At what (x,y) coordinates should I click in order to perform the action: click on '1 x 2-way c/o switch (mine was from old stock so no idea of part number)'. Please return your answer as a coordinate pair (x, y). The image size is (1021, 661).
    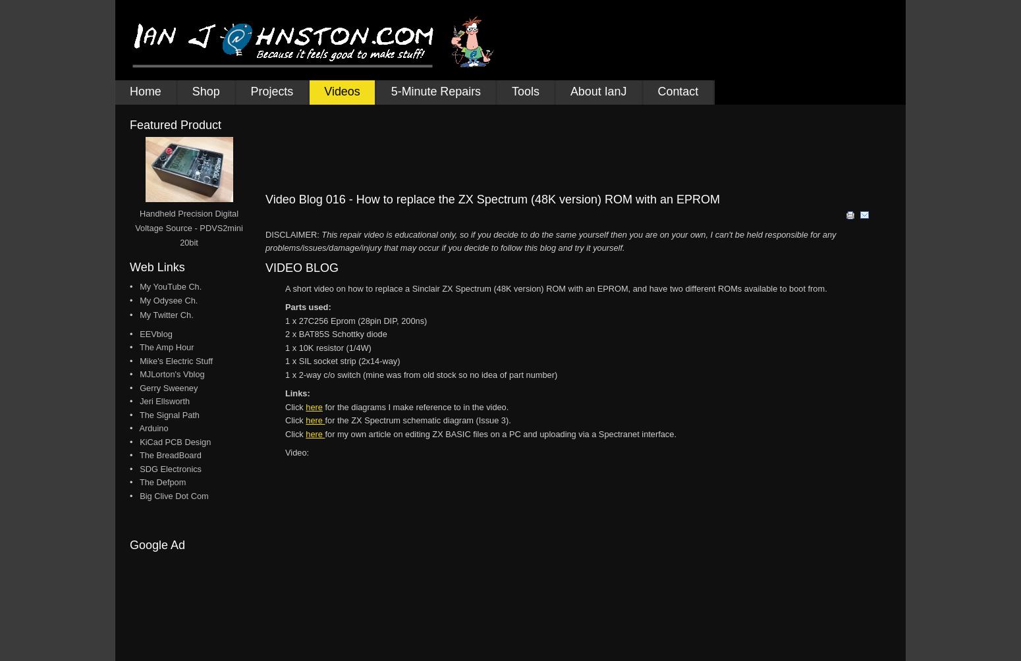
    Looking at the image, I should click on (420, 374).